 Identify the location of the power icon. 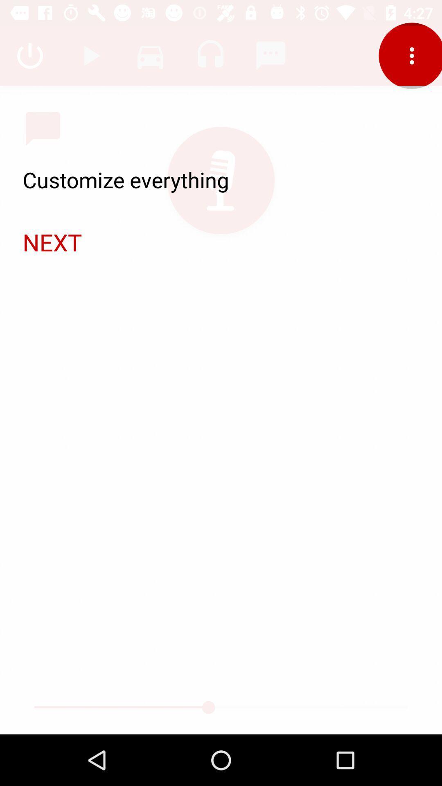
(29, 55).